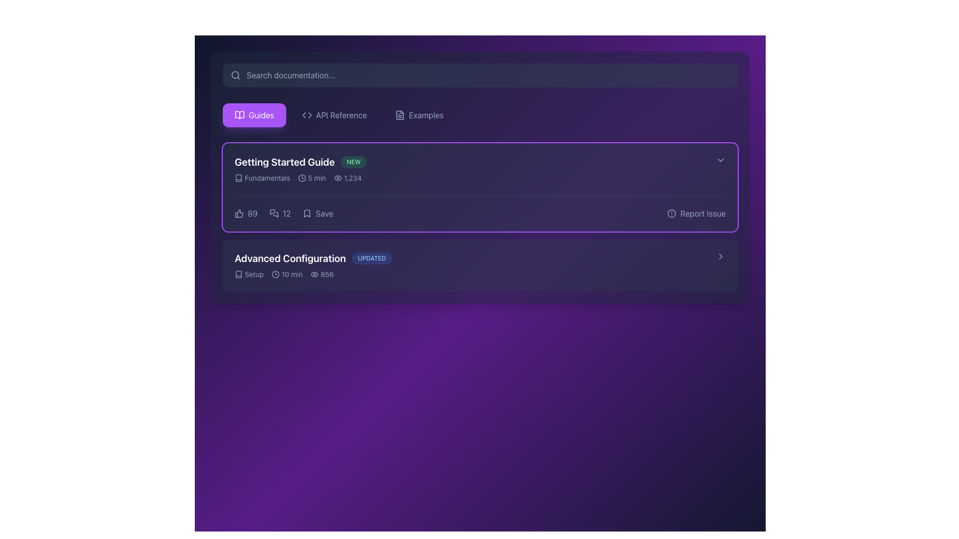 This screenshot has width=959, height=539. I want to click on displayed text '10 min' from the Text Label with Icon located in the 'Advanced Configuration' section, positioned to the right of 'Setup' and before the '856' statistic entry, so click(287, 274).